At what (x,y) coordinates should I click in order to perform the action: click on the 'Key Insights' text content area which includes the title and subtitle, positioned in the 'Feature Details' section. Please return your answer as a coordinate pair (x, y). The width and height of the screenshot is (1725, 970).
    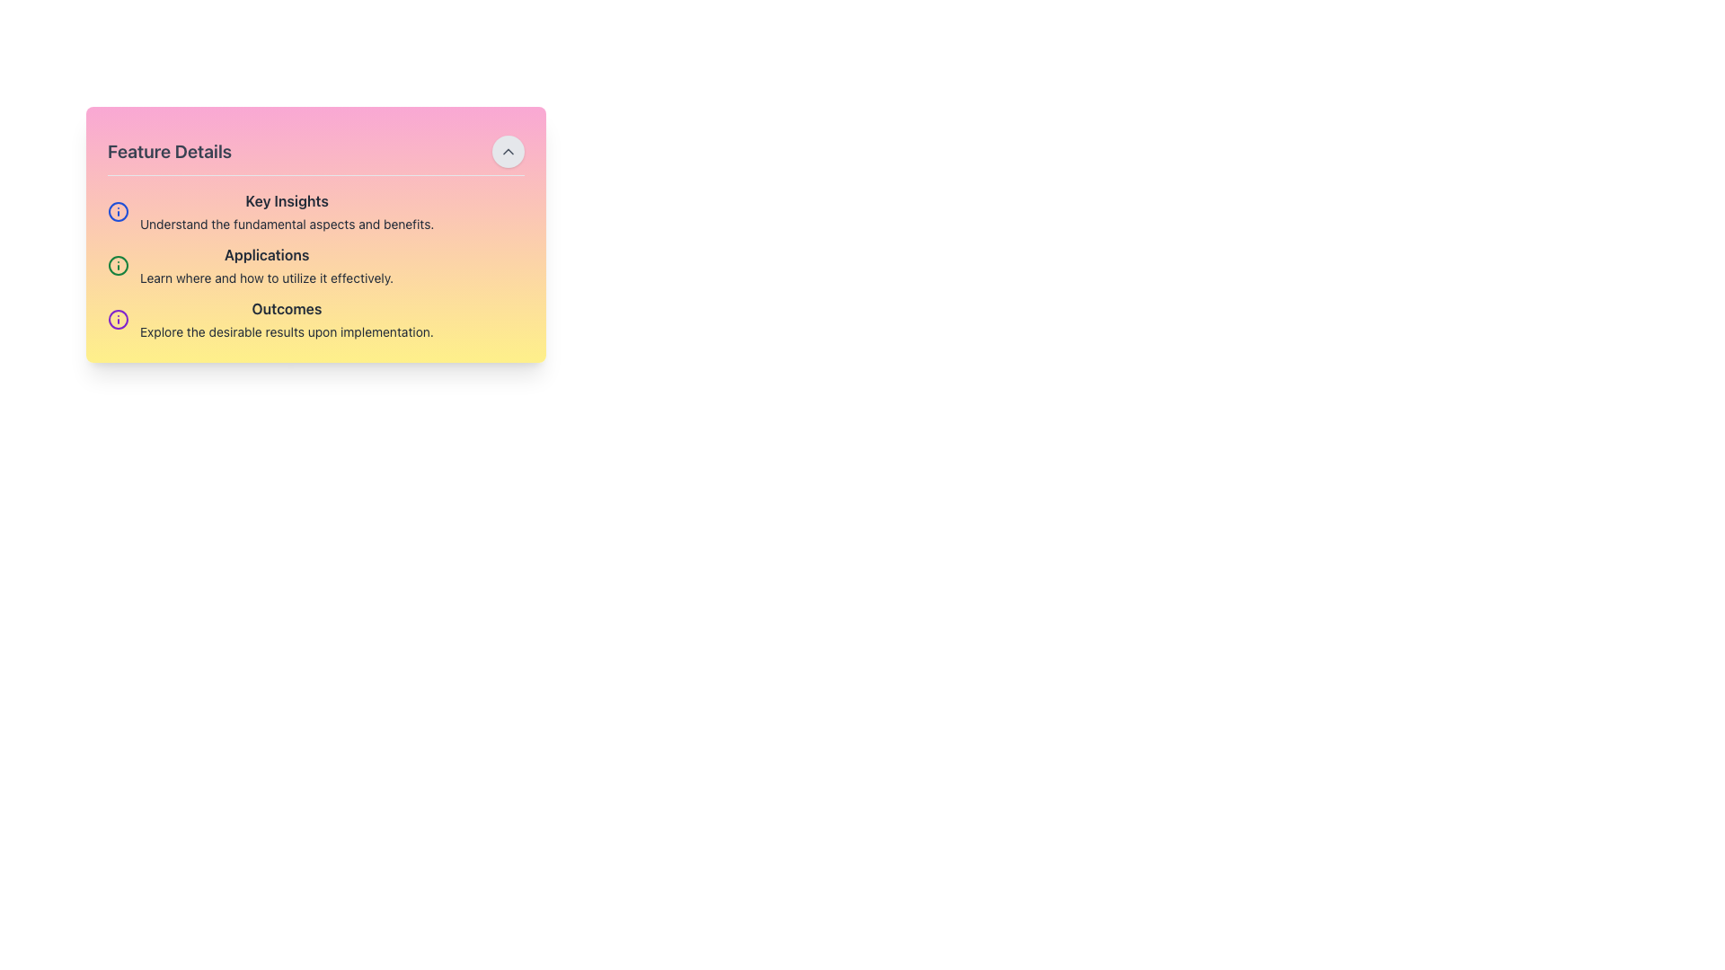
    Looking at the image, I should click on (286, 210).